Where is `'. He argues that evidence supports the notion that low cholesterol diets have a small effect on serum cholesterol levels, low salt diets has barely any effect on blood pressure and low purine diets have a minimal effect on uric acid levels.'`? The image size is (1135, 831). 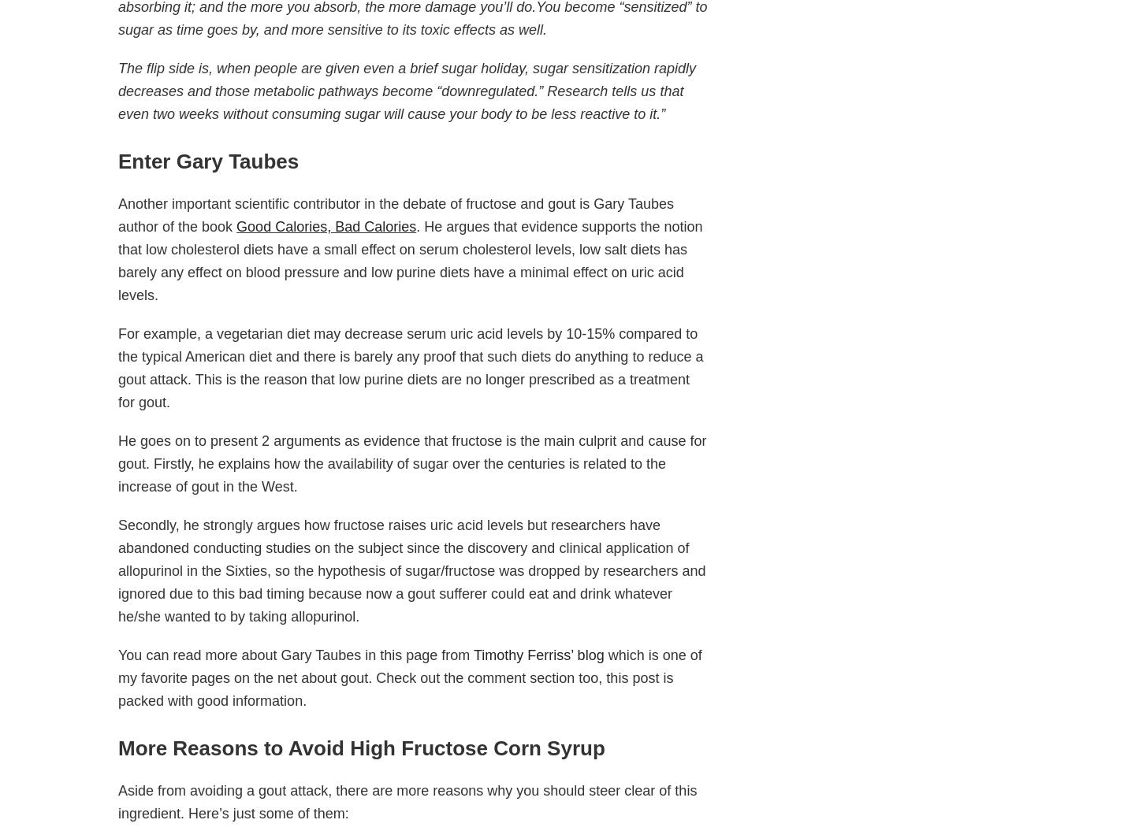
'. He argues that evidence supports the notion that low cholesterol diets have a small effect on serum cholesterol levels, low salt diets has barely any effect on blood pressure and low purine diets have a minimal effect on uric acid levels.' is located at coordinates (409, 260).